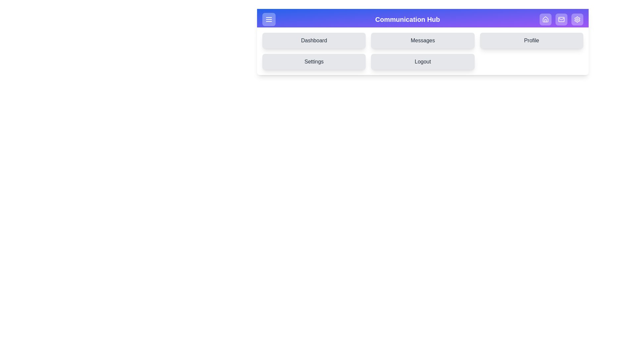 This screenshot has width=636, height=357. What do you see at coordinates (561, 19) in the screenshot?
I see `the 'Inbox' tab to navigate to it` at bounding box center [561, 19].